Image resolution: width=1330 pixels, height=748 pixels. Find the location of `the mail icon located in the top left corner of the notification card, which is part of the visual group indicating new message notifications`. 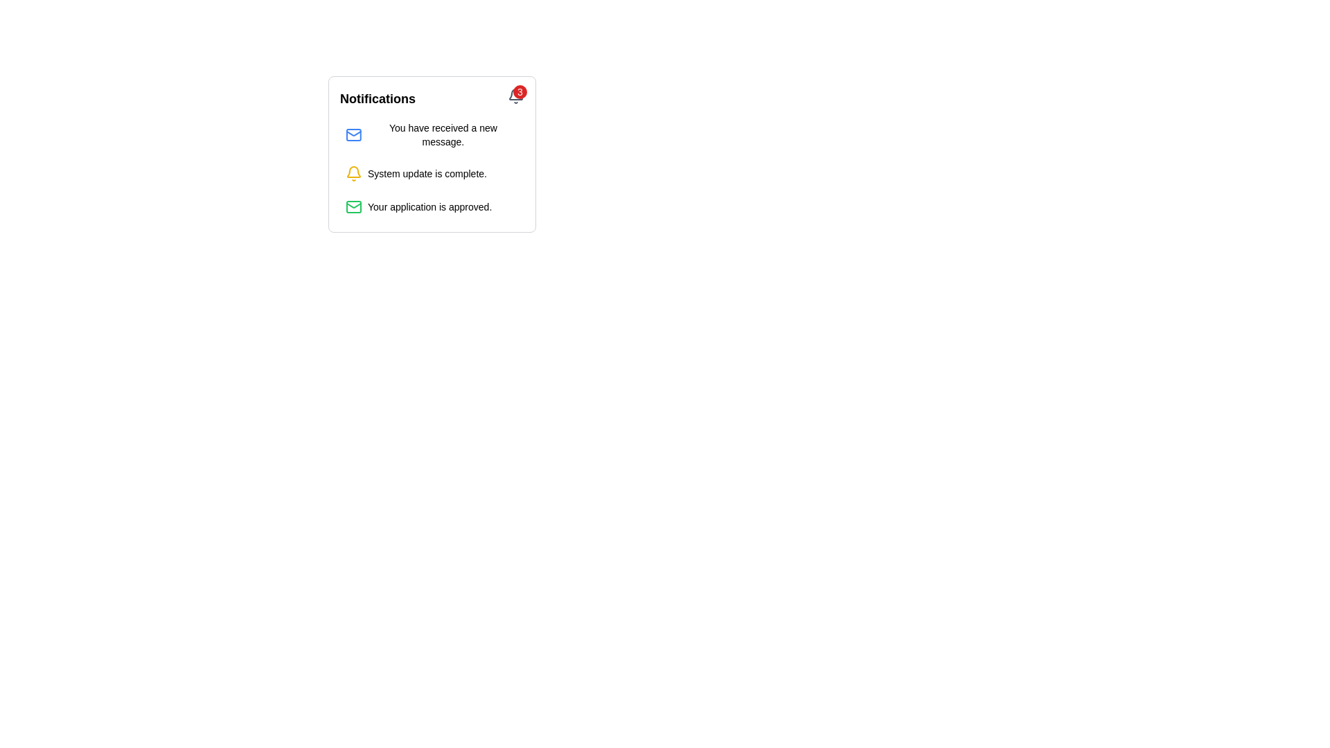

the mail icon located in the top left corner of the notification card, which is part of the visual group indicating new message notifications is located at coordinates (353, 205).